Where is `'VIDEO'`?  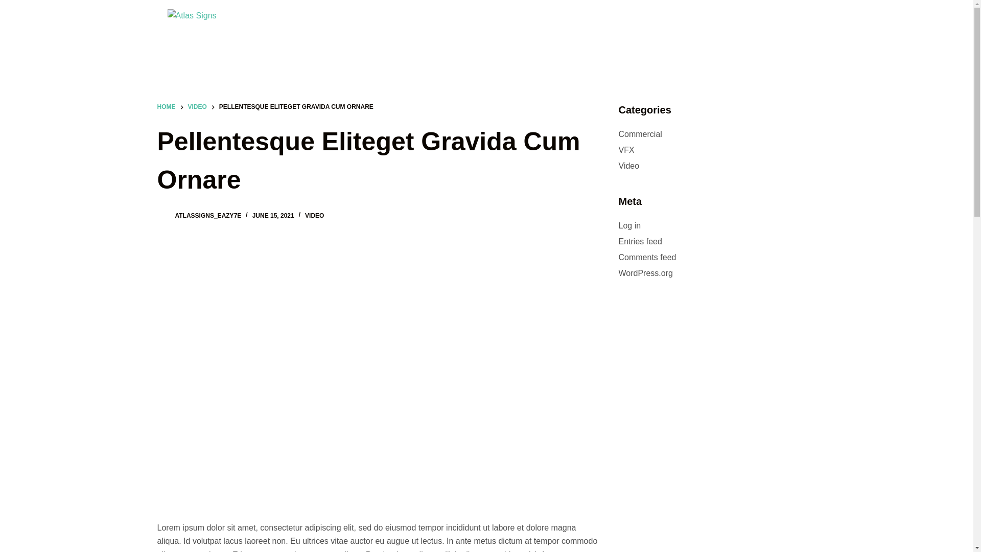
'VIDEO' is located at coordinates (197, 107).